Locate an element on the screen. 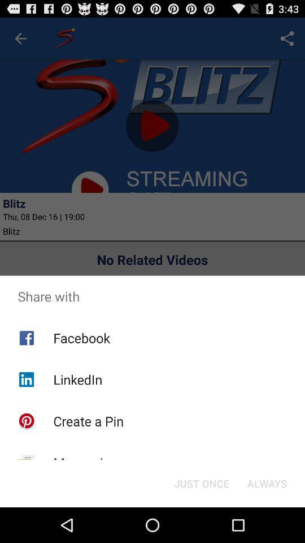  the button to the right of just once button is located at coordinates (267, 482).